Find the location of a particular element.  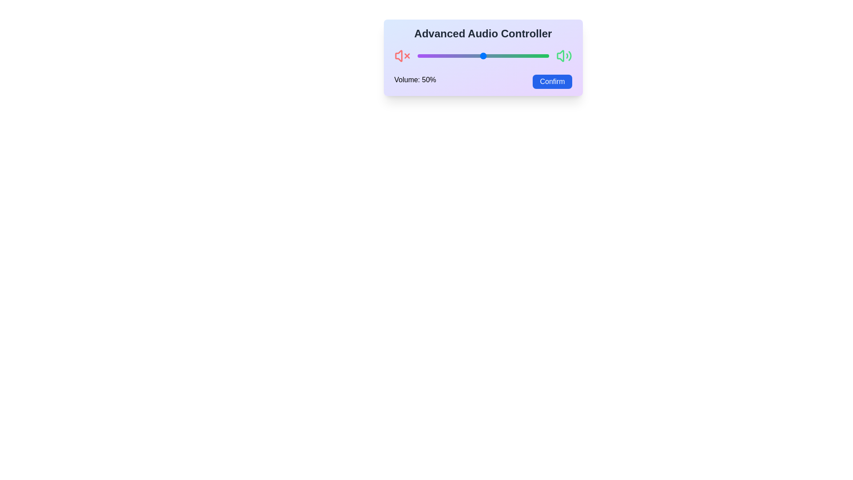

the volume slider to set the volume to 62% is located at coordinates (499, 56).